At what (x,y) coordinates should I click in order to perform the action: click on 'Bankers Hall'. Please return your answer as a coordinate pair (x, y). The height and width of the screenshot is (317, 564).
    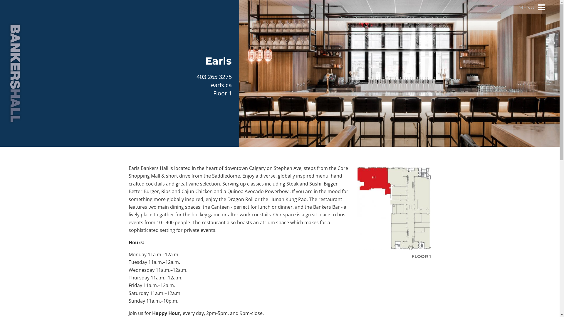
    Looking at the image, I should click on (15, 73).